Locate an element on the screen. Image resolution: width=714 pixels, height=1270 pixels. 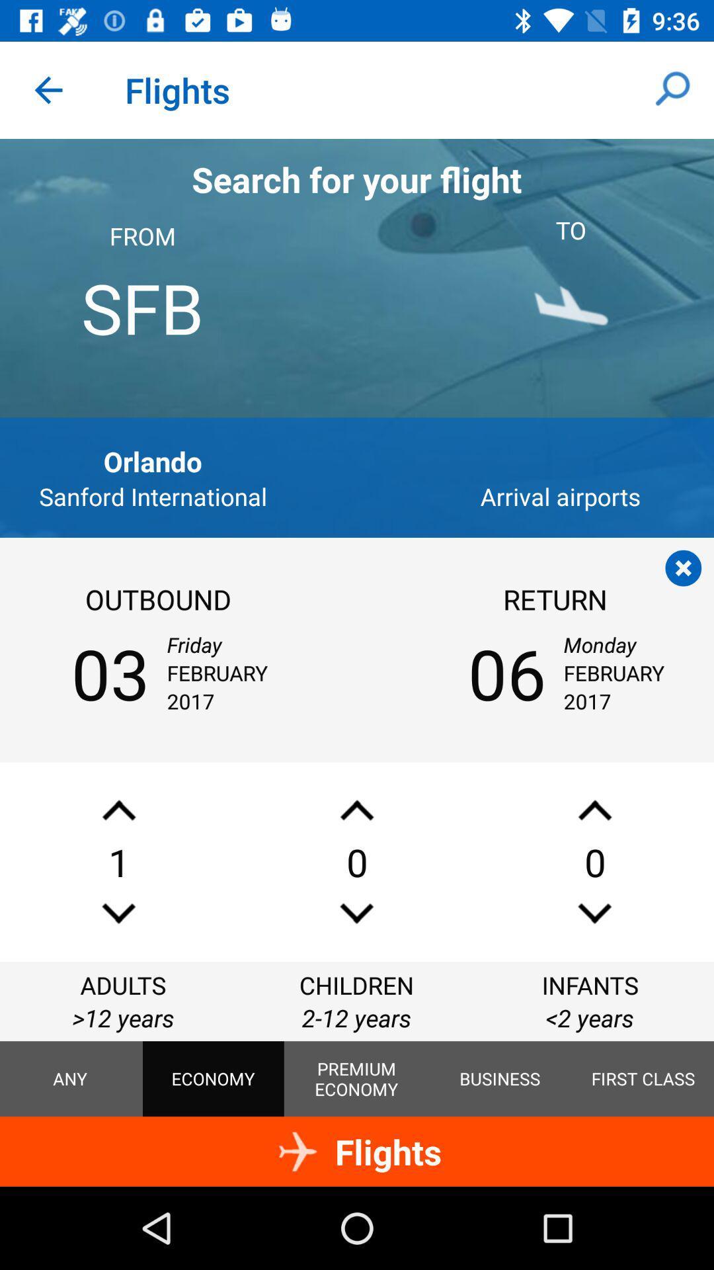
increase number of infants is located at coordinates (594, 810).